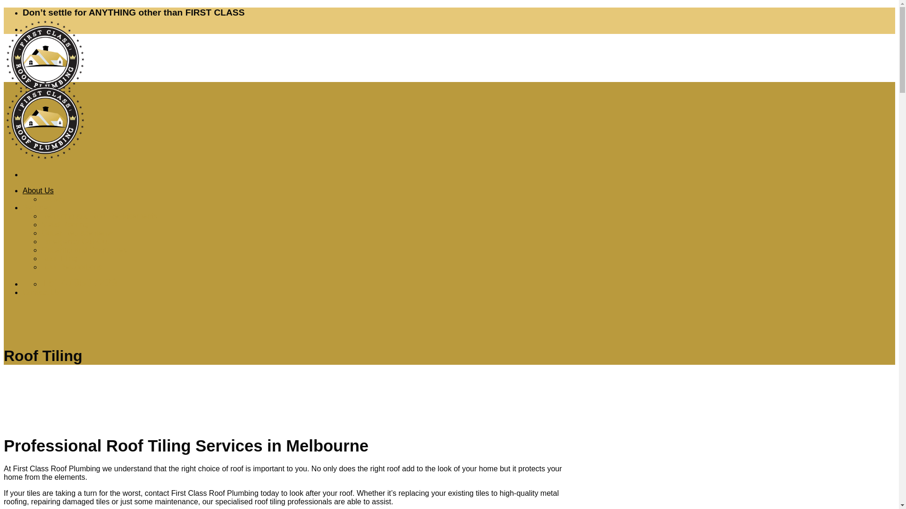 This screenshot has width=906, height=509. What do you see at coordinates (59, 258) in the screenshot?
I see `'Roof Tiling'` at bounding box center [59, 258].